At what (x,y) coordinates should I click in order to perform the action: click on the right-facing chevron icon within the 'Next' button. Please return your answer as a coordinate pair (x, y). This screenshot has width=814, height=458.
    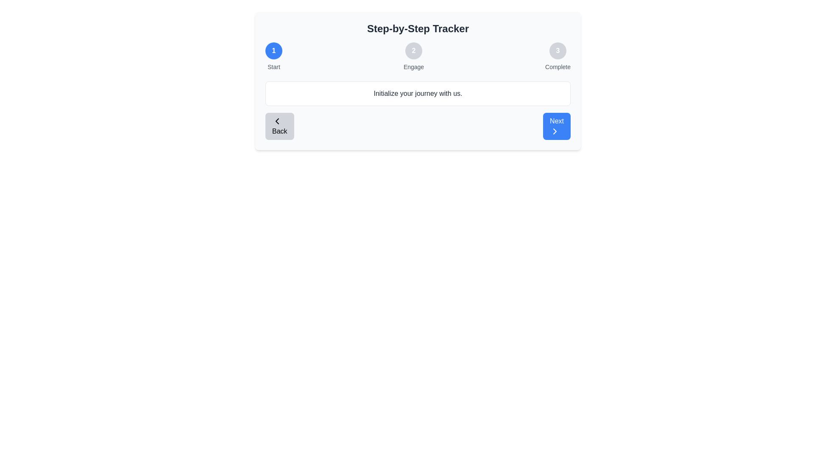
    Looking at the image, I should click on (555, 131).